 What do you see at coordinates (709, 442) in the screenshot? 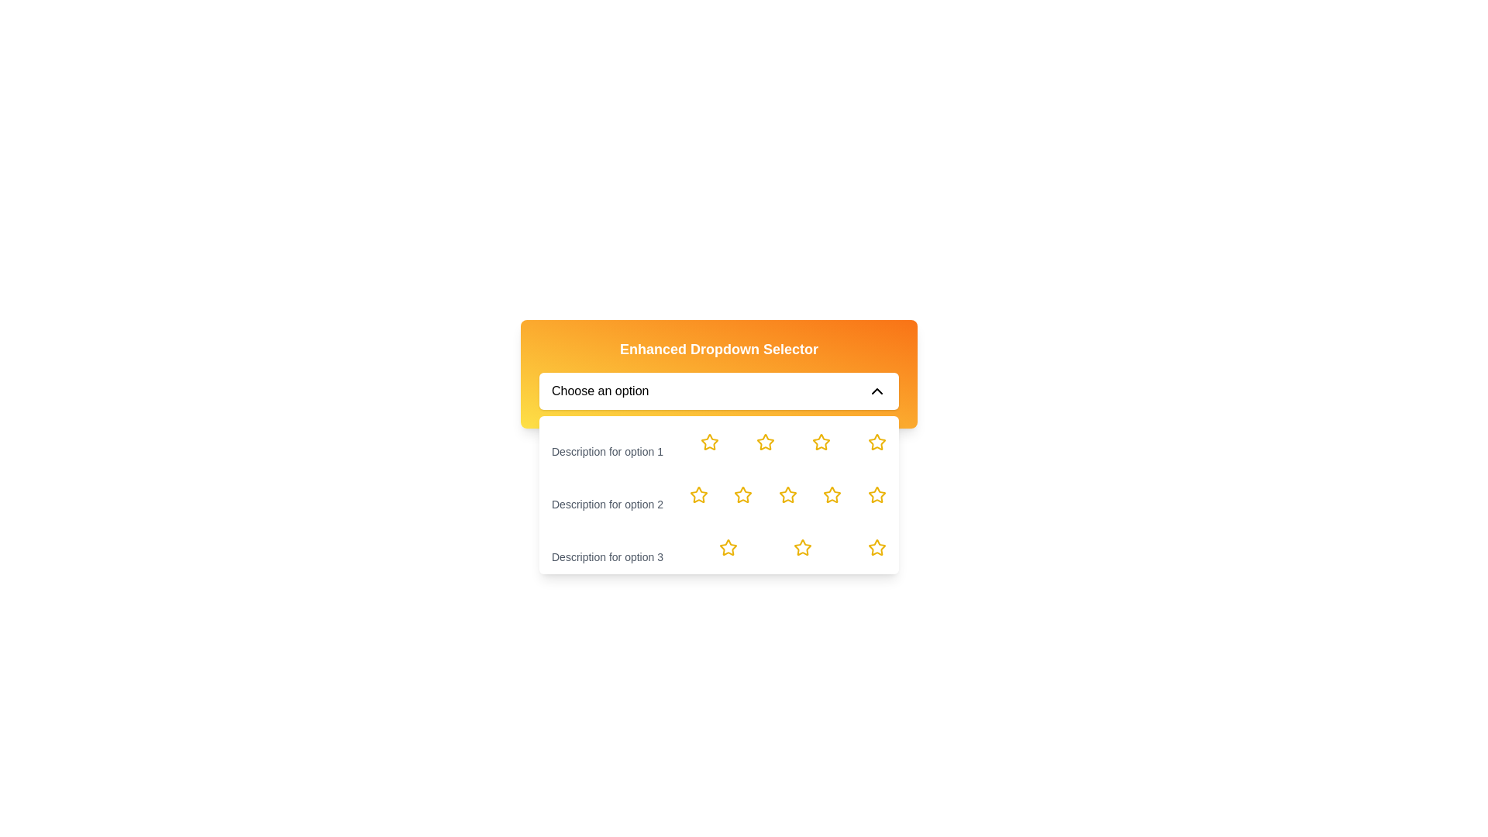
I see `the first yellow-colored star icon in the row labeled 'Description for option 1'` at bounding box center [709, 442].